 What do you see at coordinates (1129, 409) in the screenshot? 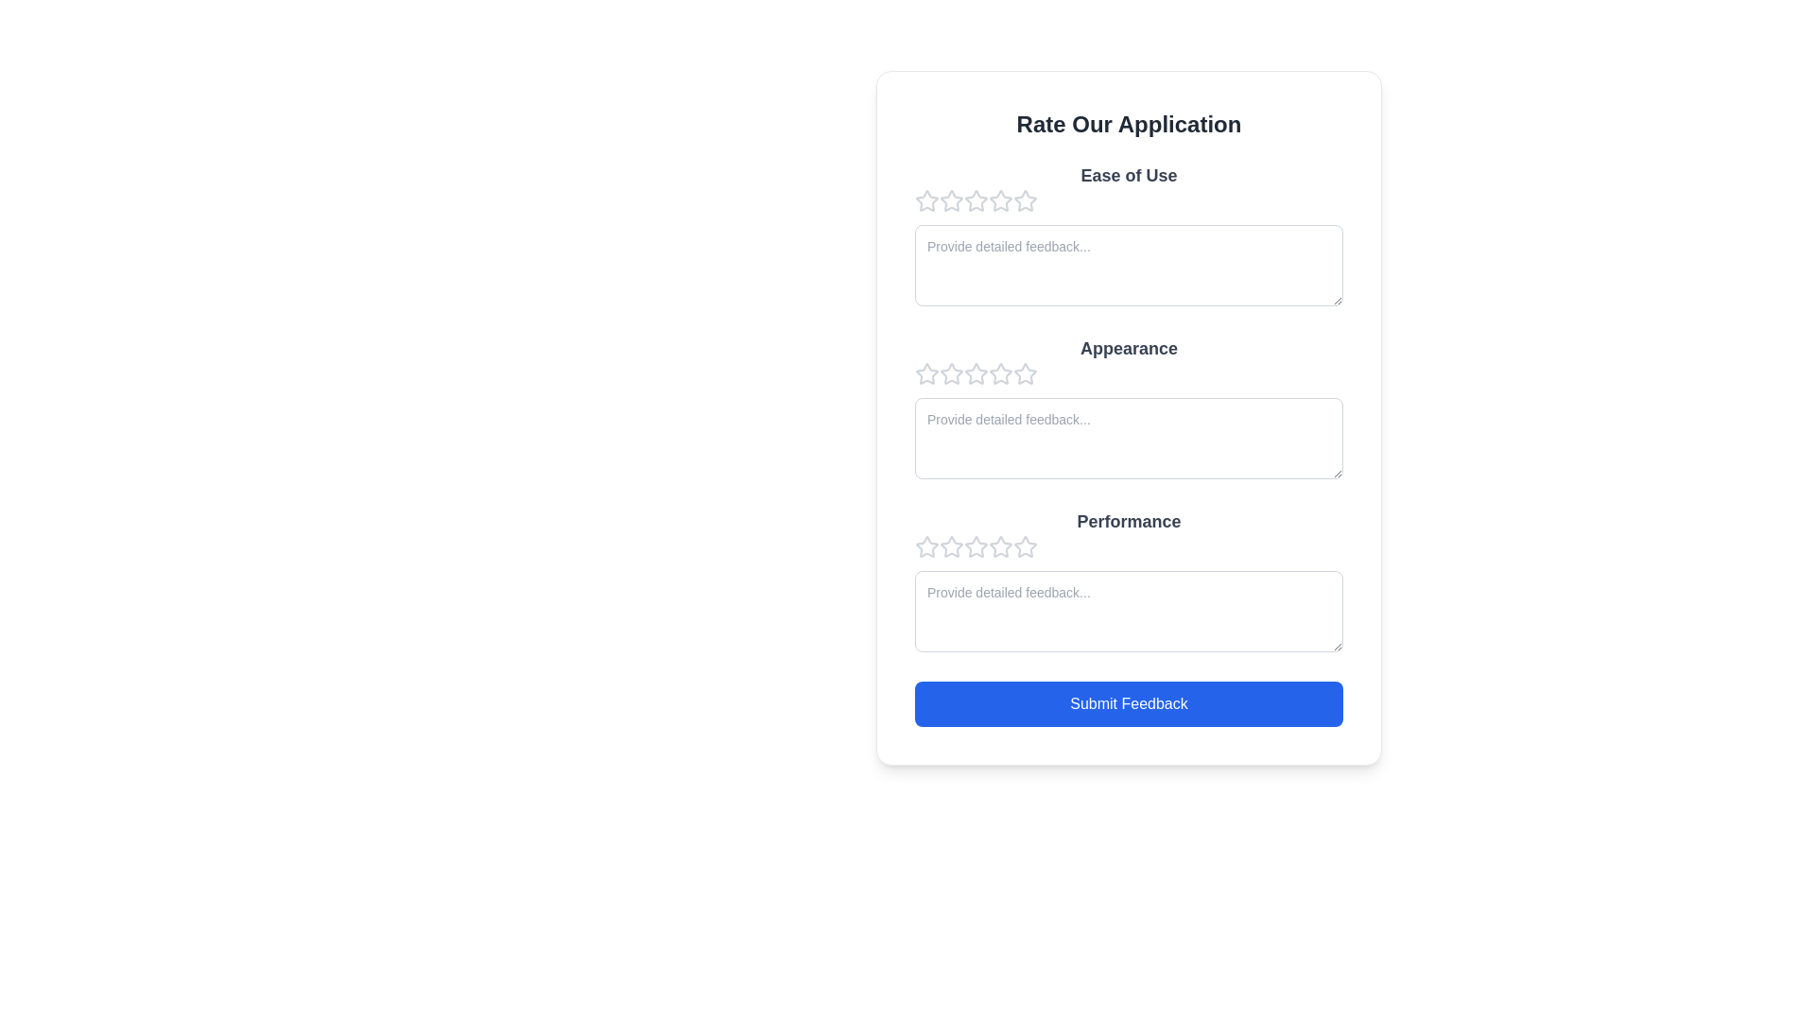
I see `the text input box within the 'Appearance' section for editing` at bounding box center [1129, 409].